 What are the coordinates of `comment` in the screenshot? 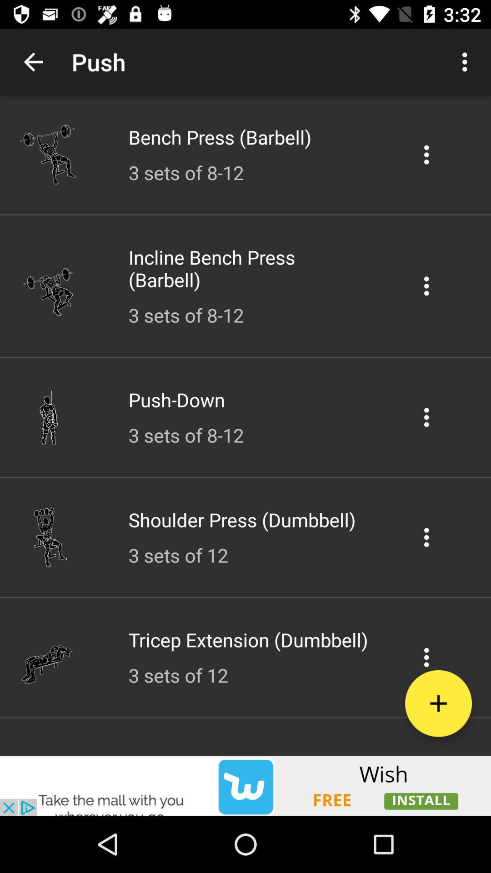 It's located at (426, 286).